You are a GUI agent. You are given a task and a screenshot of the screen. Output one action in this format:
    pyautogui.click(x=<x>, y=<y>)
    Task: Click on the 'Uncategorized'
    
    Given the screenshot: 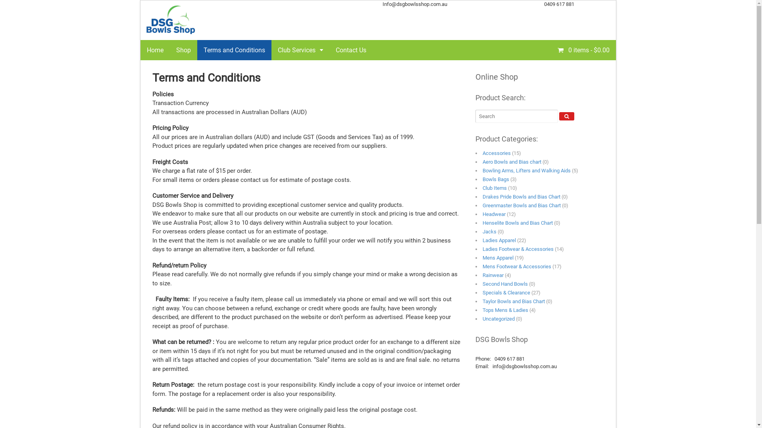 What is the action you would take?
    pyautogui.click(x=498, y=318)
    